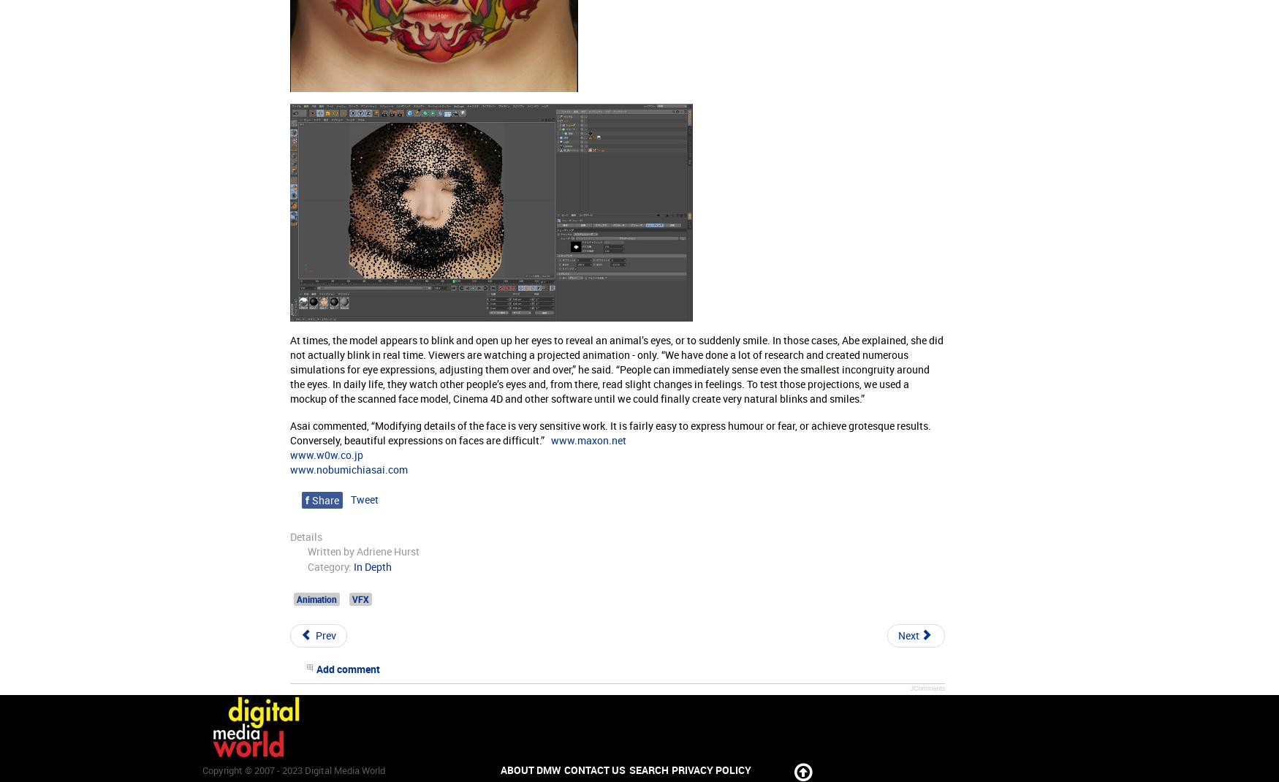  What do you see at coordinates (200, 769) in the screenshot?
I see `'Copyright ©
2007 - 2023
Digital Media World'` at bounding box center [200, 769].